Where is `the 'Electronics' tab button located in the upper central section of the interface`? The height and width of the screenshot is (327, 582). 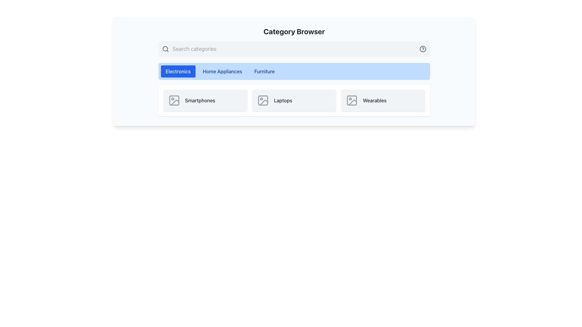 the 'Electronics' tab button located in the upper central section of the interface is located at coordinates (178, 71).